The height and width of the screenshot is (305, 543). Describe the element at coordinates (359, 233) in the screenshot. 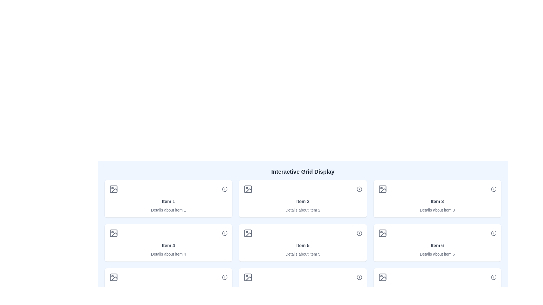

I see `the circular outline of the informational icon for Item 5 in the grid display, located at the top-right of the bounding box` at that location.